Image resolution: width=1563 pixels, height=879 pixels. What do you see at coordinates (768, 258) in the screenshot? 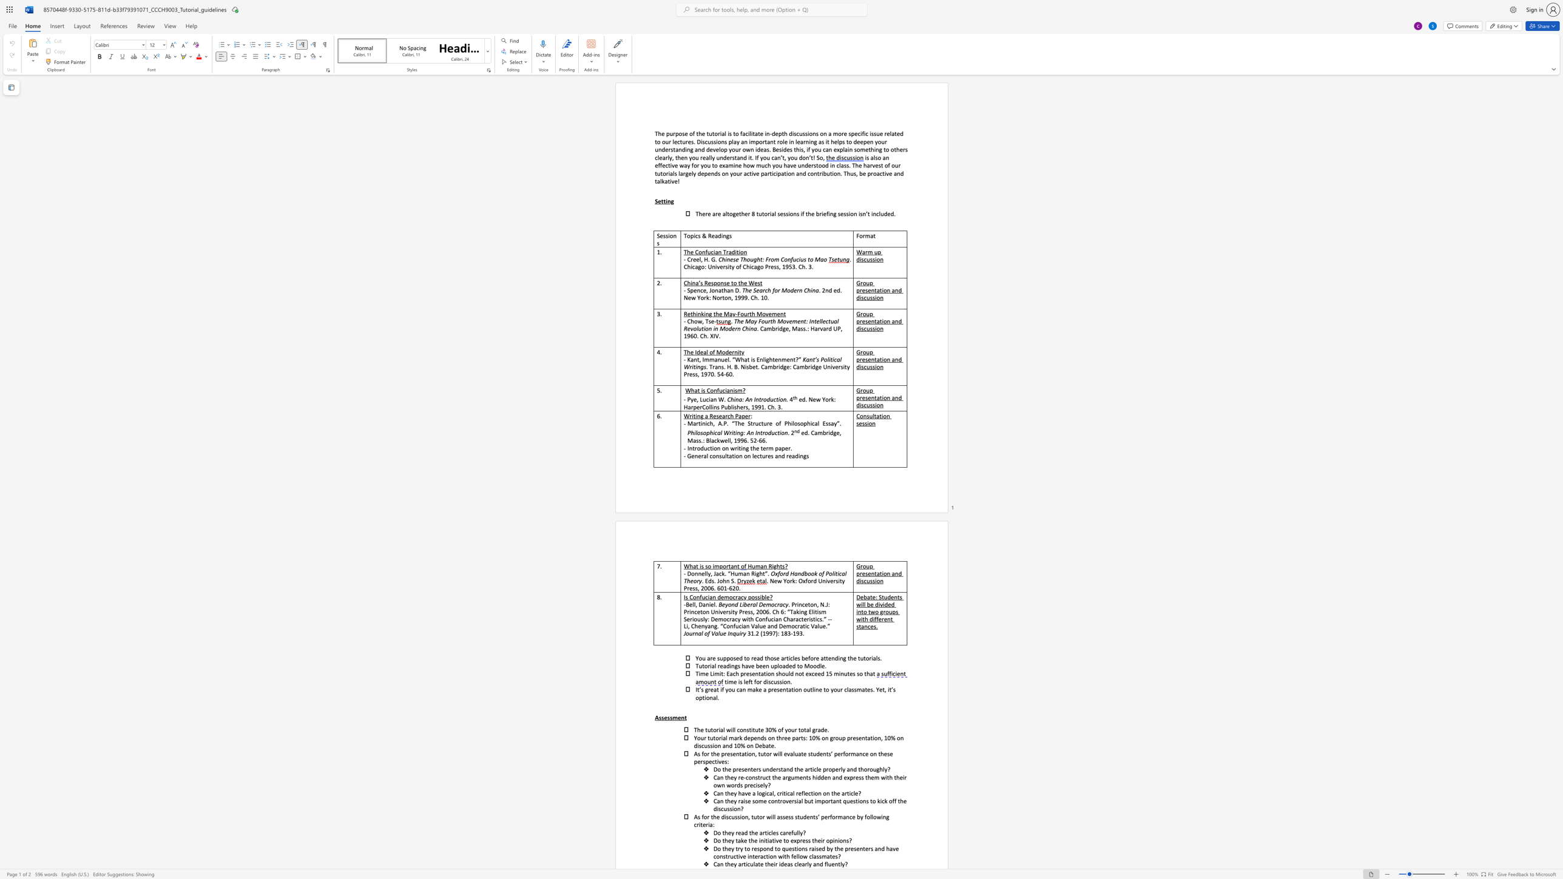
I see `the subset text "rom Confucius t" within the text "Chinese Thought: From Confucius to Mao"` at bounding box center [768, 258].